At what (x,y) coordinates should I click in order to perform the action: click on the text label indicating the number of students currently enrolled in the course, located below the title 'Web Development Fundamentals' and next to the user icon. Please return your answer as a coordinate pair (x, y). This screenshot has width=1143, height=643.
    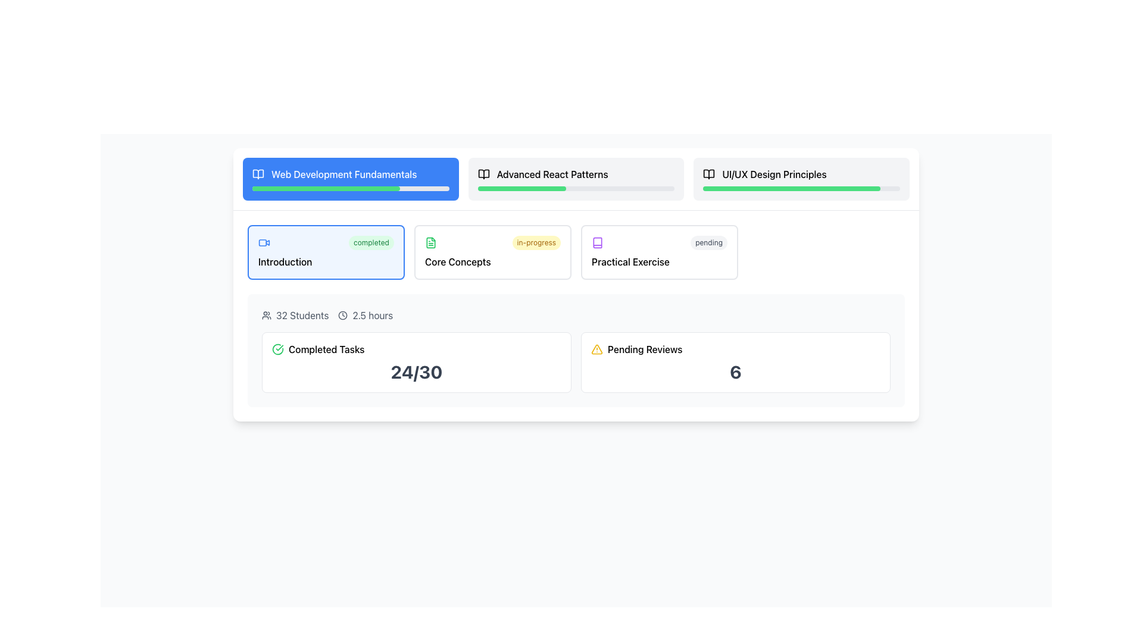
    Looking at the image, I should click on (302, 314).